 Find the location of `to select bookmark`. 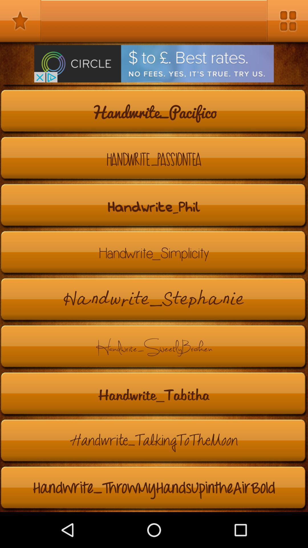

to select bookmark is located at coordinates (20, 21).